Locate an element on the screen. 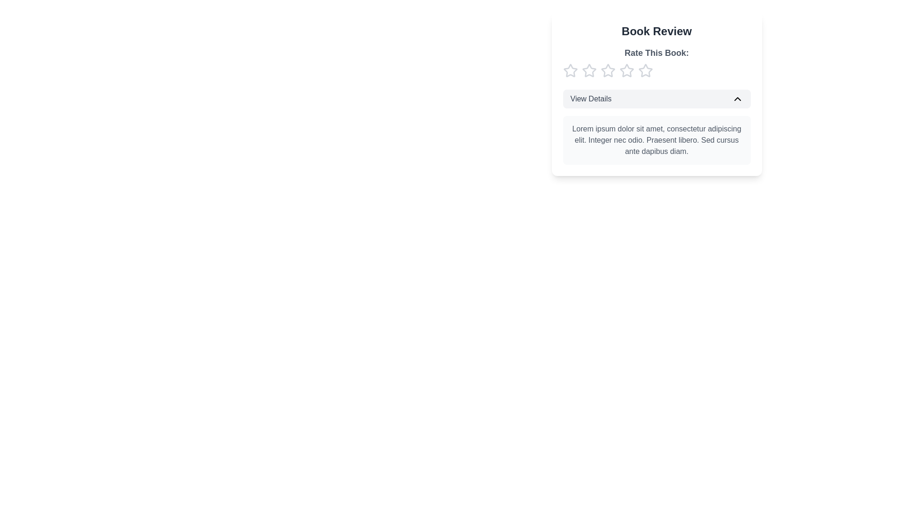 This screenshot has height=507, width=901. the first star in the rating system to record a one star rating for the book in the 'Book Review' section is located at coordinates (570, 70).